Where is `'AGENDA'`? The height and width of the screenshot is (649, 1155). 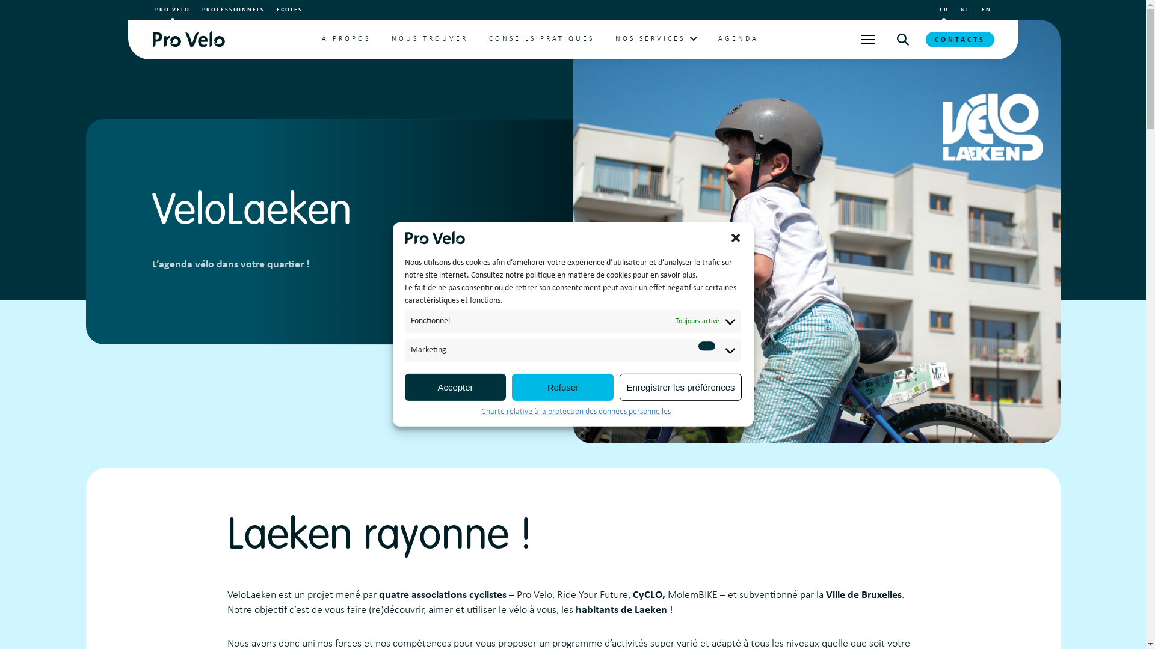 'AGENDA' is located at coordinates (718, 38).